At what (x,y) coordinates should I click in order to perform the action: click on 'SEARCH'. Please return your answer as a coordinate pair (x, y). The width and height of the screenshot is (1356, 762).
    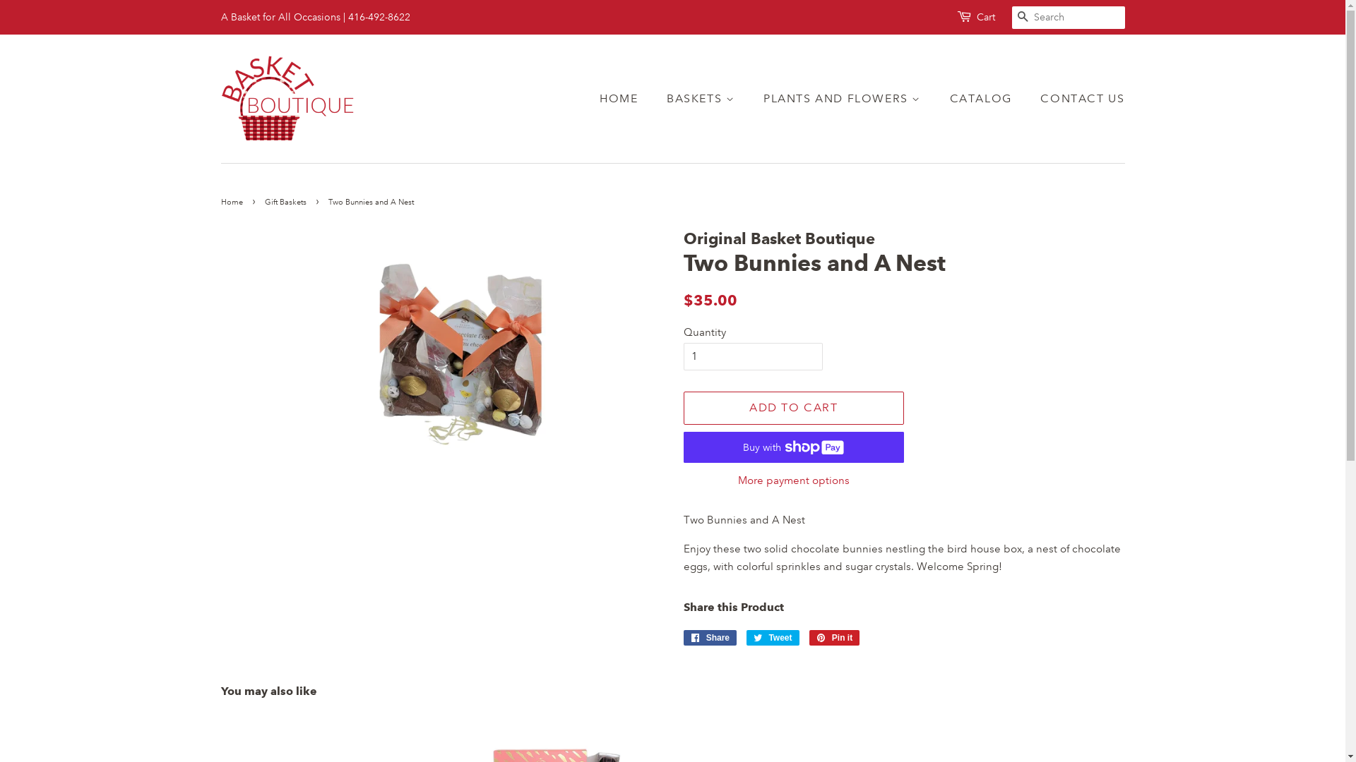
    Looking at the image, I should click on (1023, 18).